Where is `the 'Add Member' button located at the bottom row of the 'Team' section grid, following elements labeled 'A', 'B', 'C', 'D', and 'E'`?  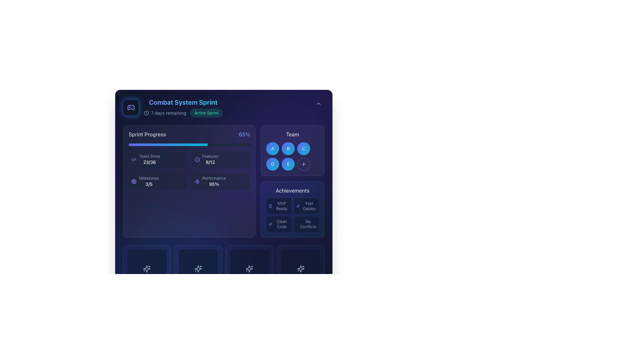
the 'Add Member' button located at the bottom row of the 'Team' section grid, following elements labeled 'A', 'B', 'C', 'D', and 'E' is located at coordinates (303, 164).